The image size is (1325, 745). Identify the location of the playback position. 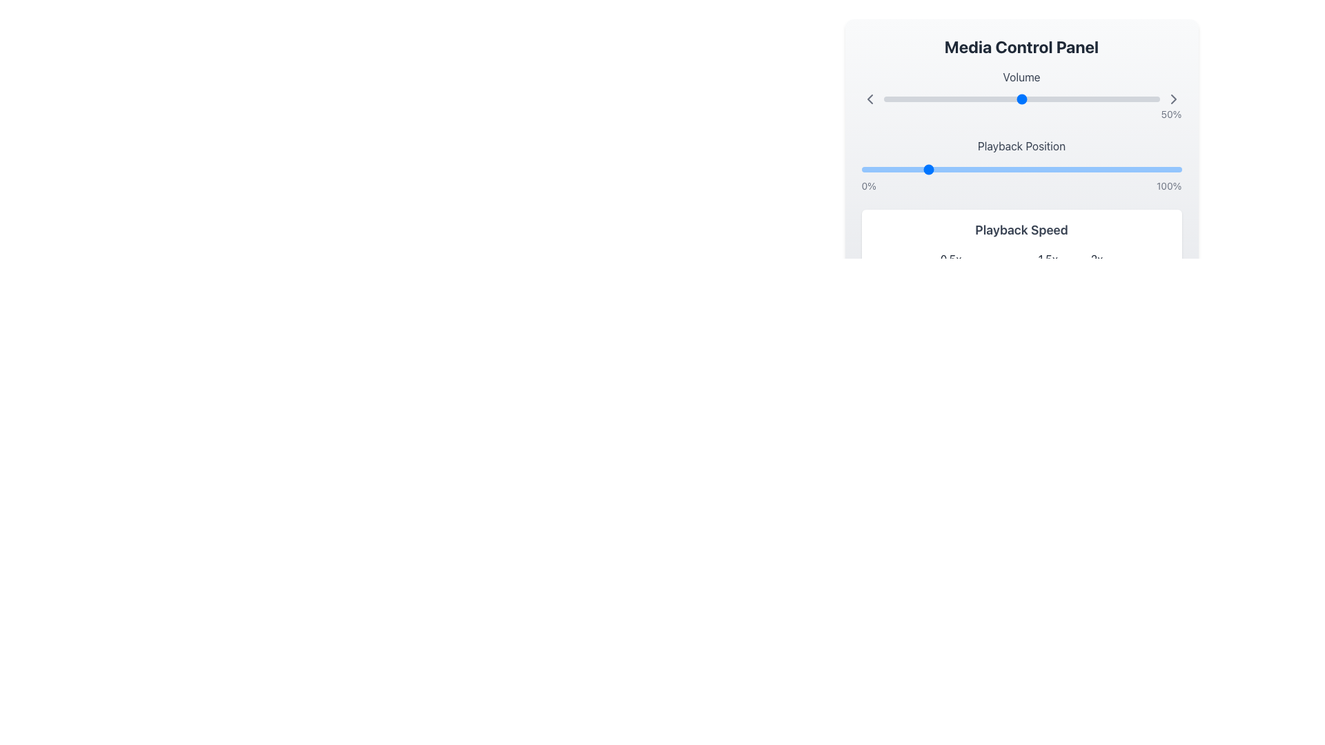
(1056, 169).